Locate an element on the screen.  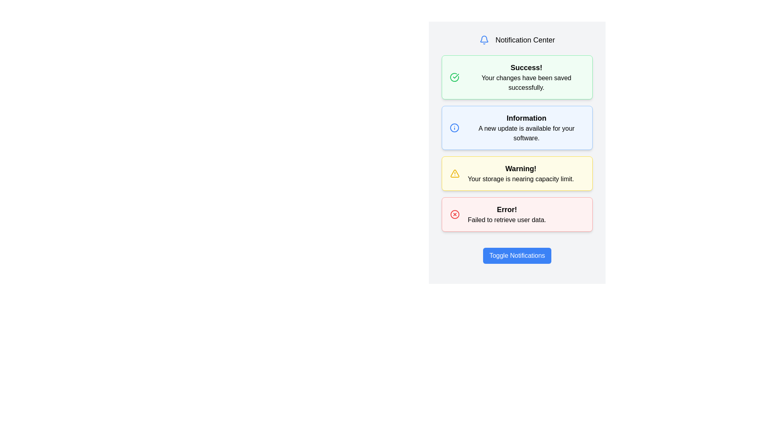
the 'Error!' notification alert box, which has a red border and a pale red background, located at the bottom of the notification section is located at coordinates (517, 214).